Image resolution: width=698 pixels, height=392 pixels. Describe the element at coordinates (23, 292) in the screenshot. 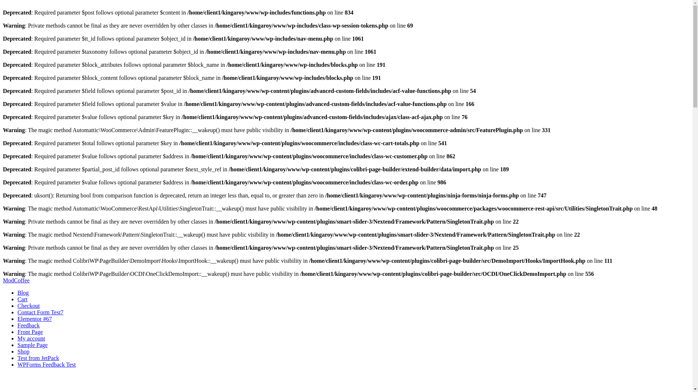

I see `'Blog'` at that location.